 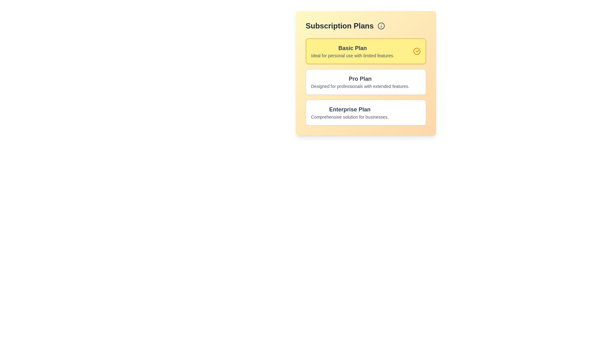 What do you see at coordinates (360, 86) in the screenshot?
I see `the text element located directly beneath the 'Pro Plan' title, which provides additional details about the Pro Plan subscription for professional users` at bounding box center [360, 86].